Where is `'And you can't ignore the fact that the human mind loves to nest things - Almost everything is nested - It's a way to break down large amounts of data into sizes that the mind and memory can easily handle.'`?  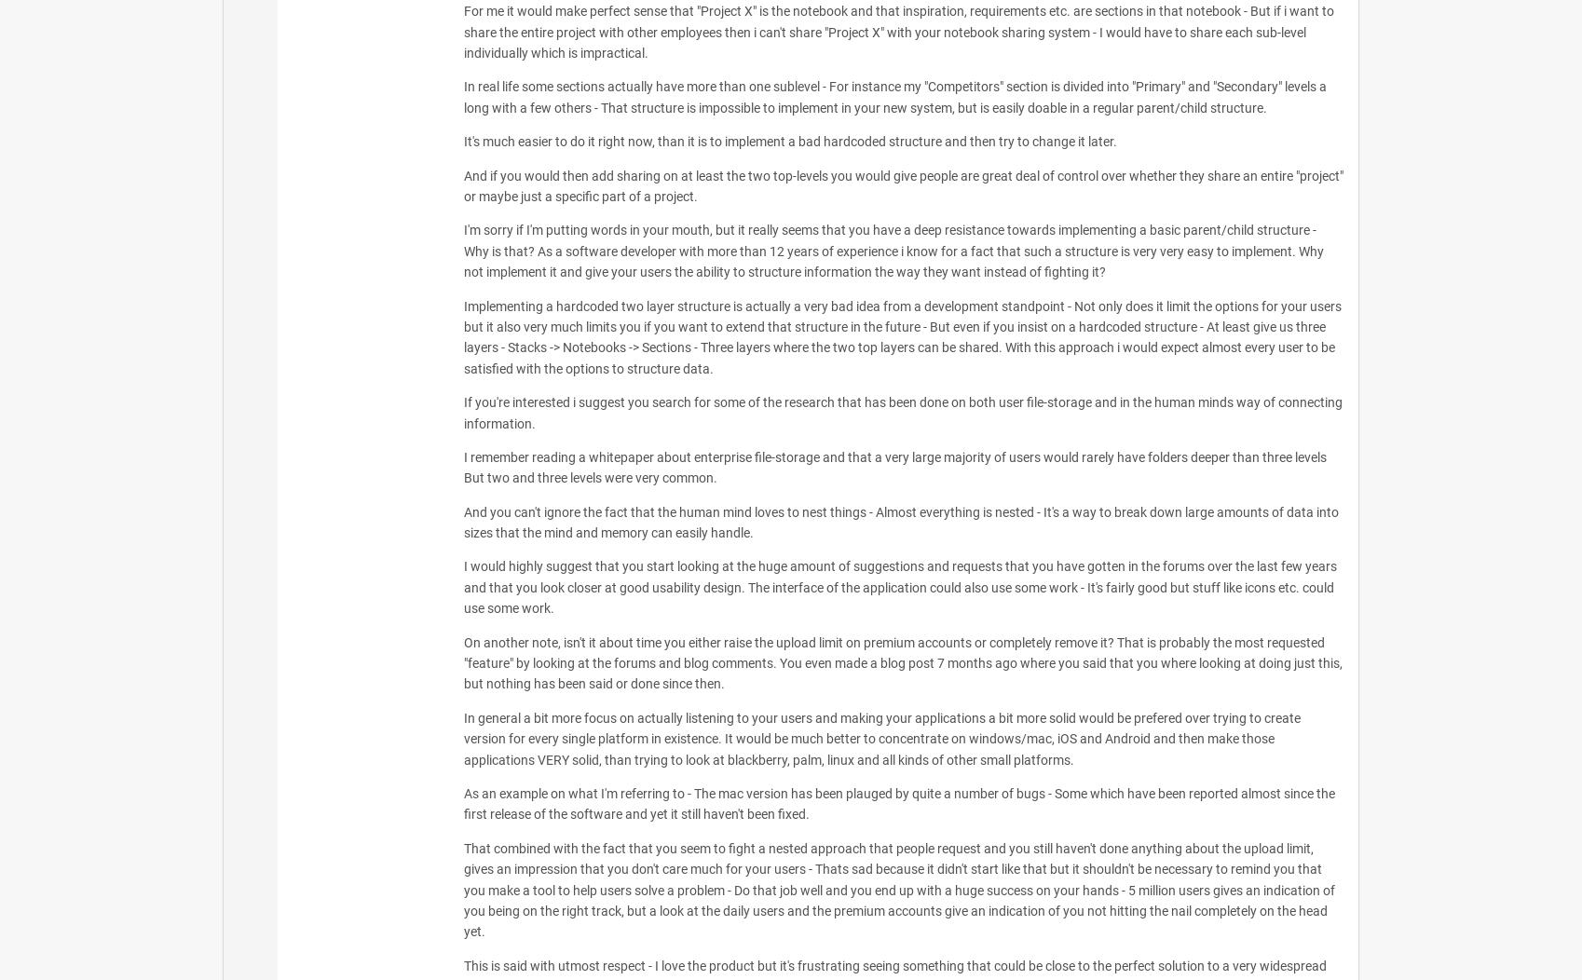 'And you can't ignore the fact that the human mind loves to nest things - Almost everything is nested - It's a way to break down large amounts of data into sizes that the mind and memory can easily handle.' is located at coordinates (899, 522).